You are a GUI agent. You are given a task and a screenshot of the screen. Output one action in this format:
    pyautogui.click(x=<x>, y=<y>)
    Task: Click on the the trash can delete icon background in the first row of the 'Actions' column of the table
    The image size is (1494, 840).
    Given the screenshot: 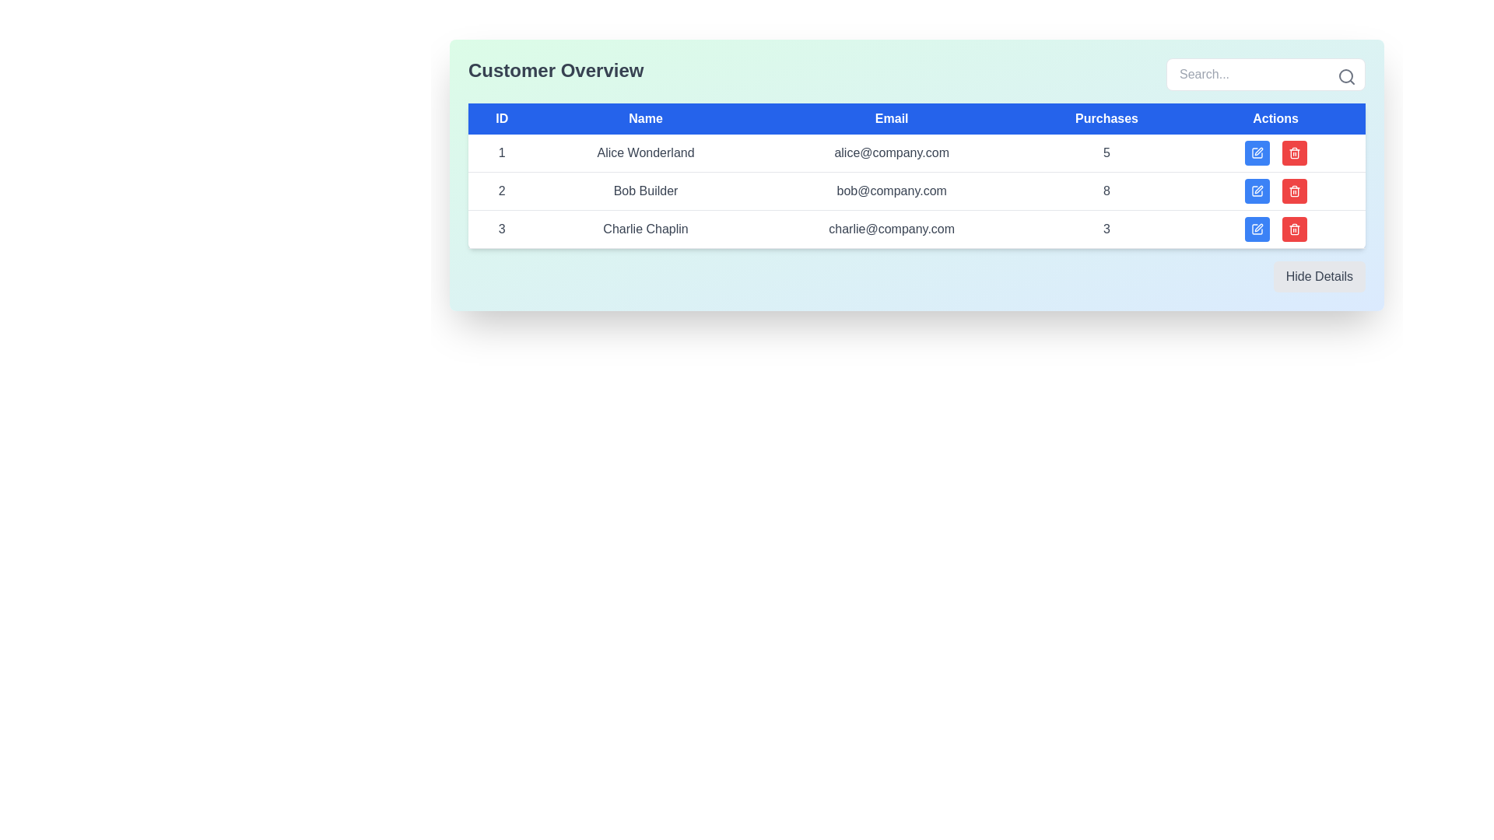 What is the action you would take?
    pyautogui.click(x=1294, y=230)
    